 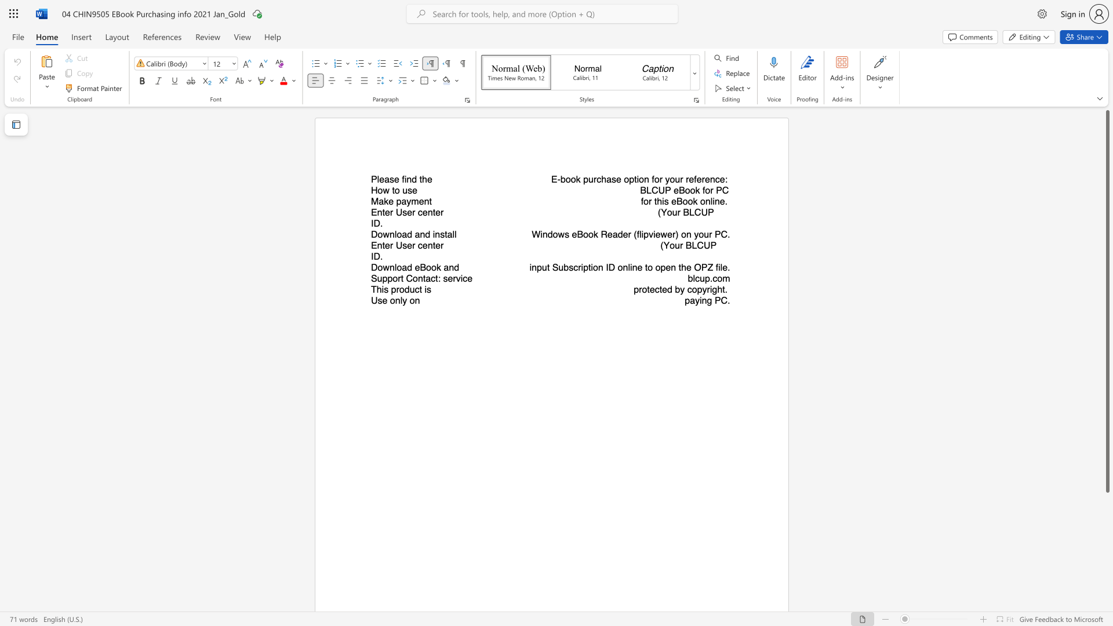 I want to click on the subset text "nd" within the text "Download eBook and", so click(x=448, y=267).